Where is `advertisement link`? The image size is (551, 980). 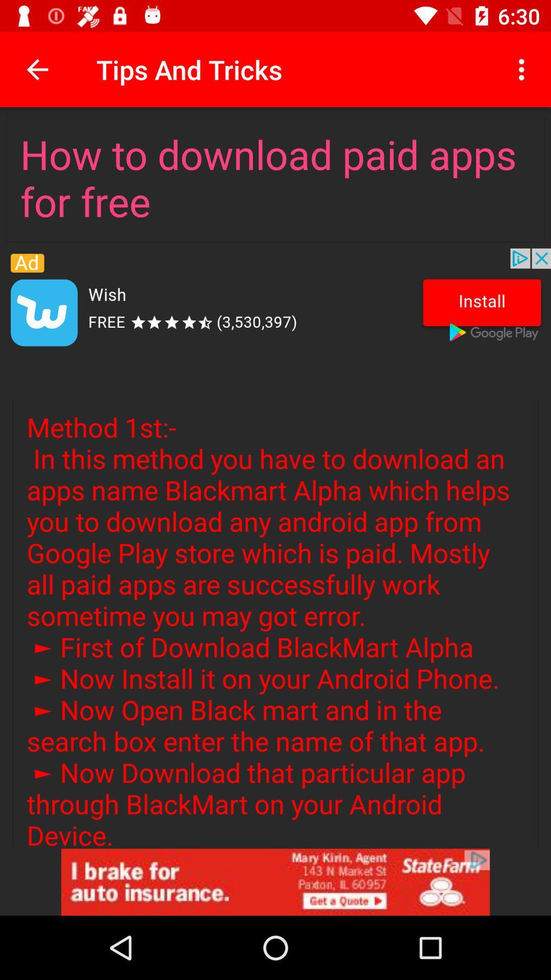
advertisement link is located at coordinates (275, 881).